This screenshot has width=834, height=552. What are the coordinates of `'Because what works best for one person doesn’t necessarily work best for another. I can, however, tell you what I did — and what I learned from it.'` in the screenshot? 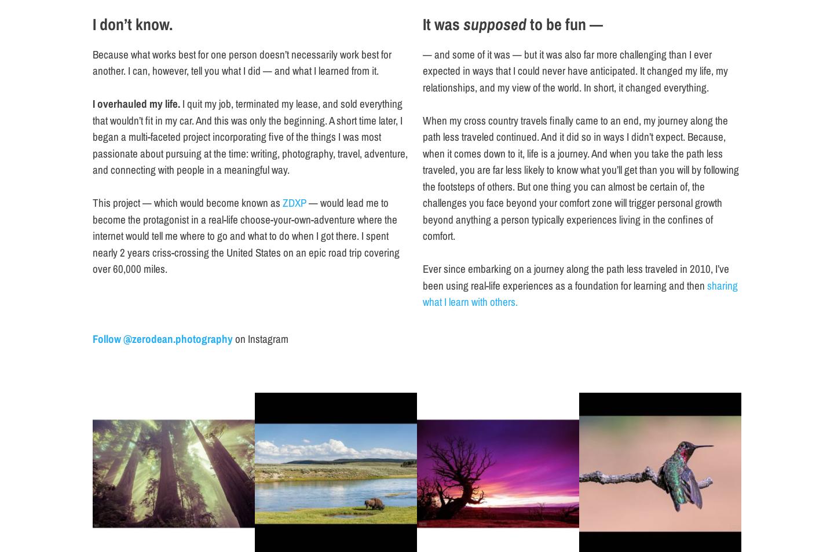 It's located at (92, 61).